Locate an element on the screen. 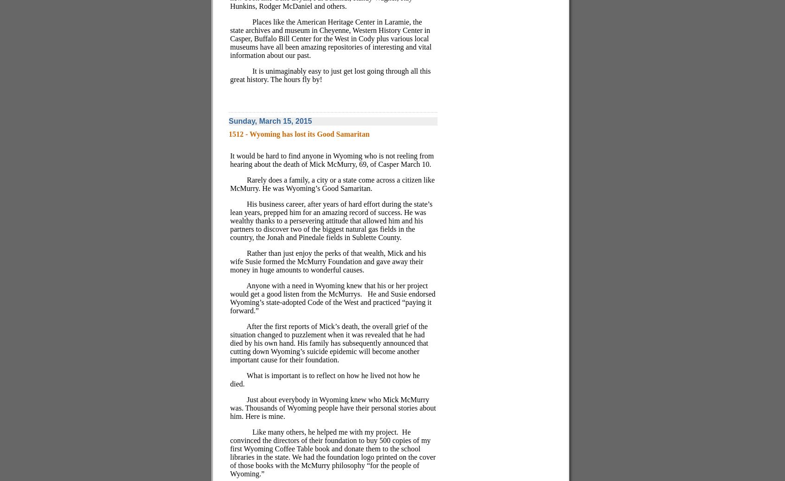  'Like many others, he helped me with
my project.' is located at coordinates (325, 431).